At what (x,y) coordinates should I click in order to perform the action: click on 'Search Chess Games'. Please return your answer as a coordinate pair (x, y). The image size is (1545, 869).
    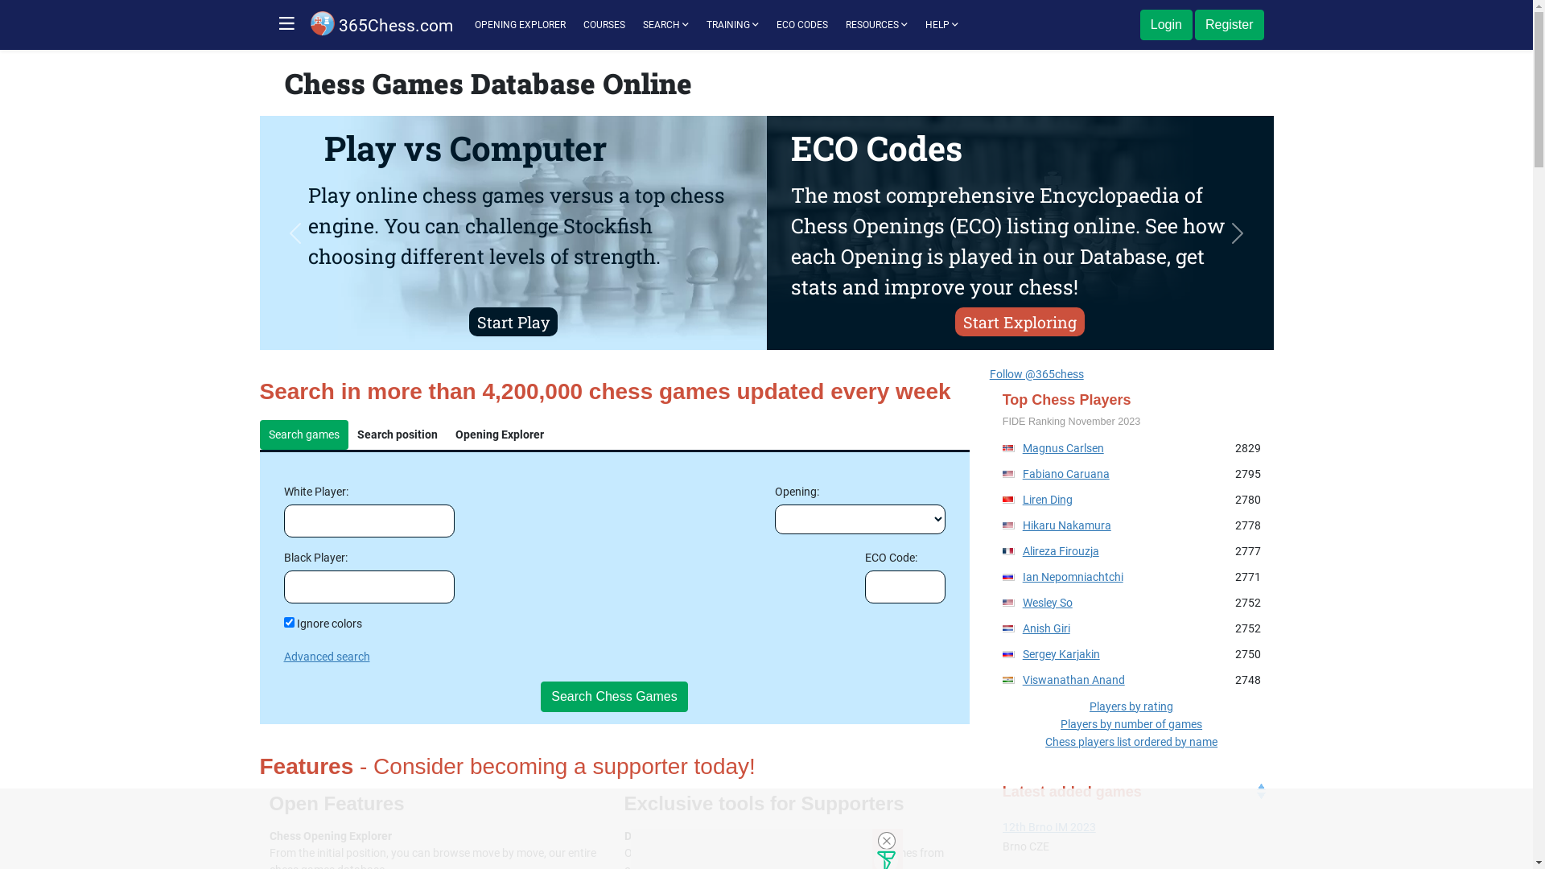
    Looking at the image, I should click on (613, 696).